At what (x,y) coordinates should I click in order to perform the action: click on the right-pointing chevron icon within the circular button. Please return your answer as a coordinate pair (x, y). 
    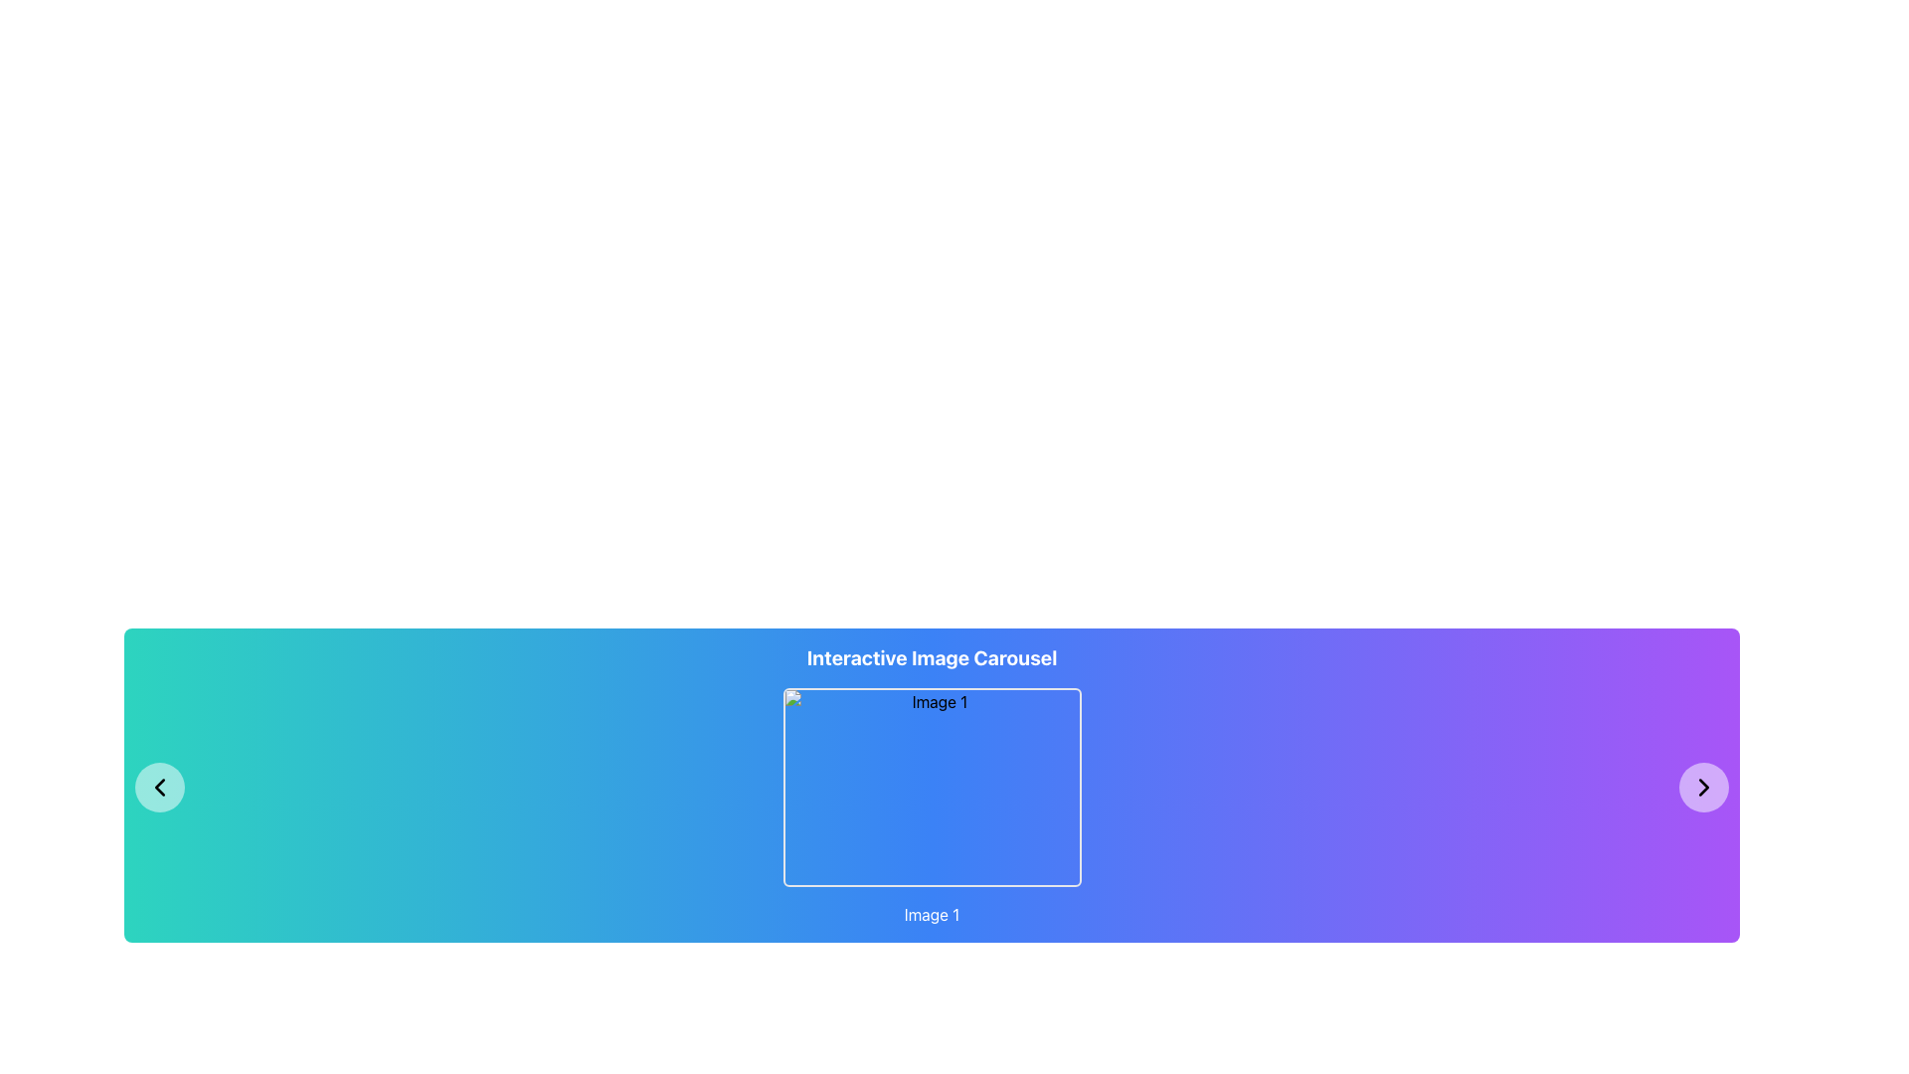
    Looking at the image, I should click on (1702, 786).